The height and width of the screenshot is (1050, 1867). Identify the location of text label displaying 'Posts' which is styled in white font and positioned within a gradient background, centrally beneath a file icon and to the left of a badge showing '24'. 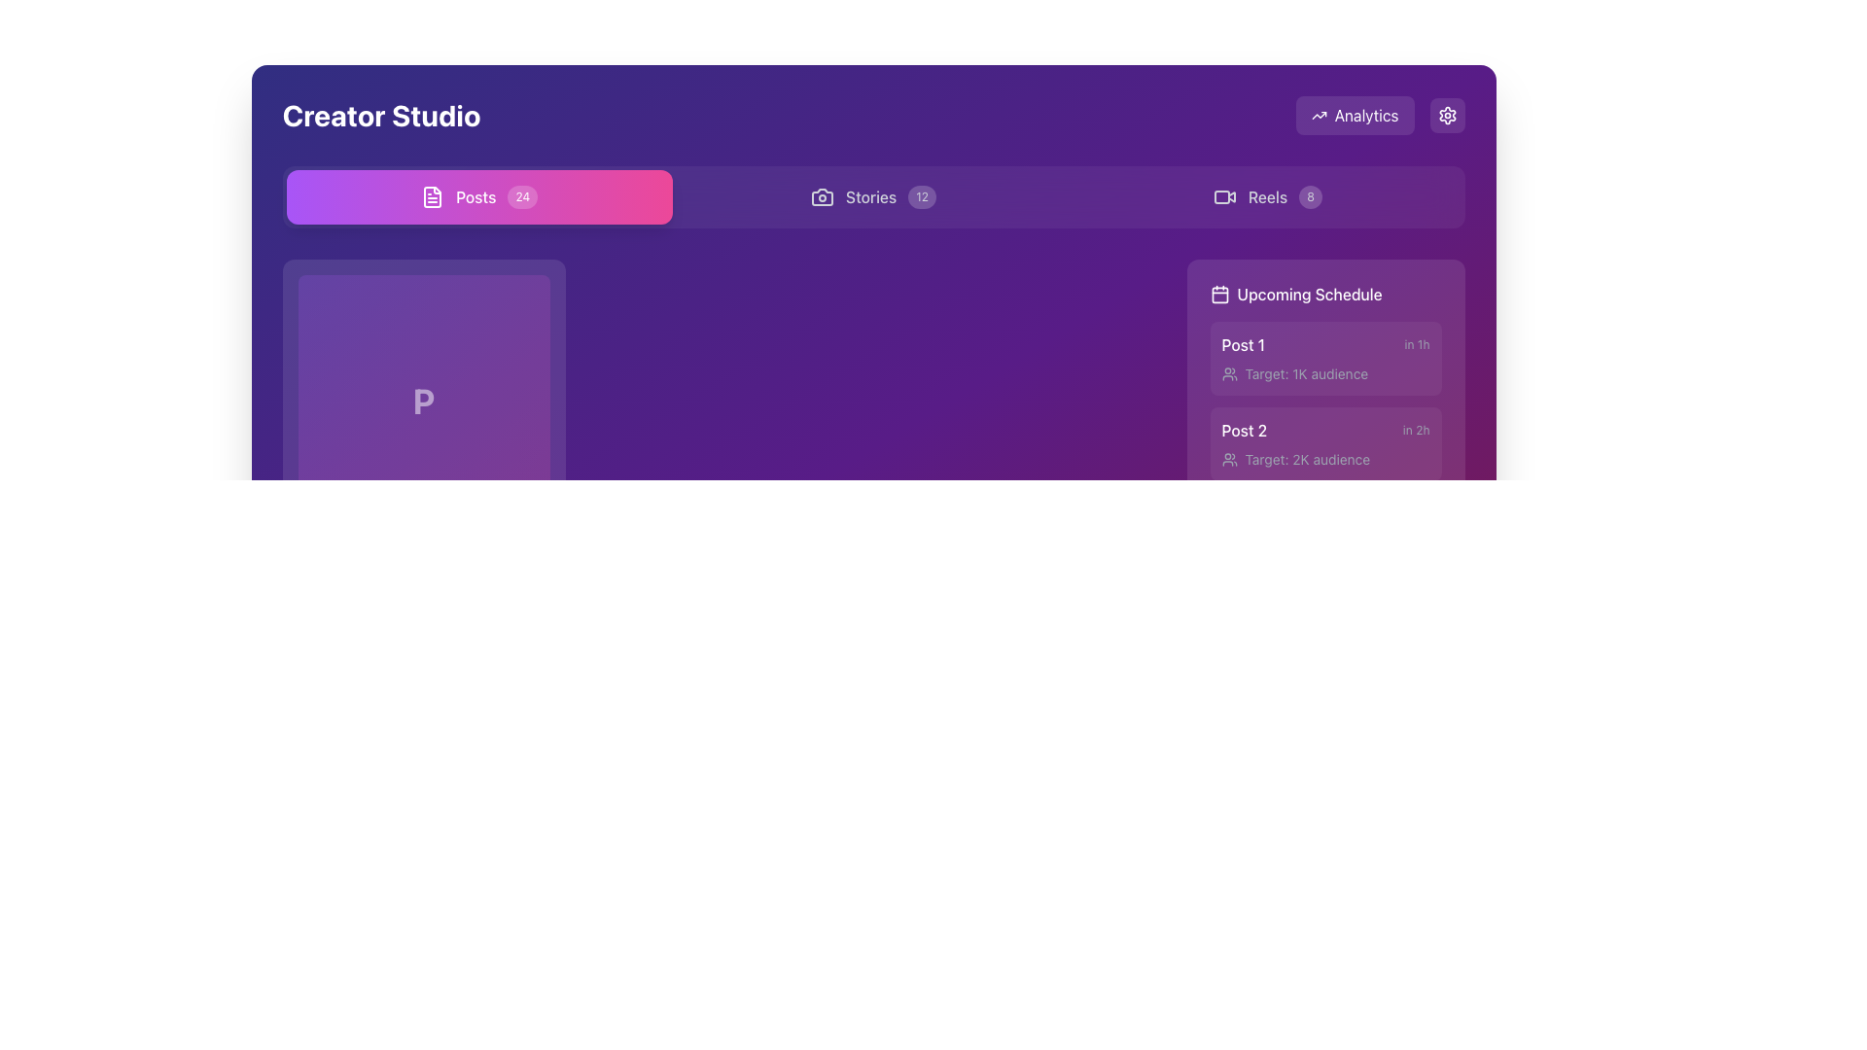
(476, 197).